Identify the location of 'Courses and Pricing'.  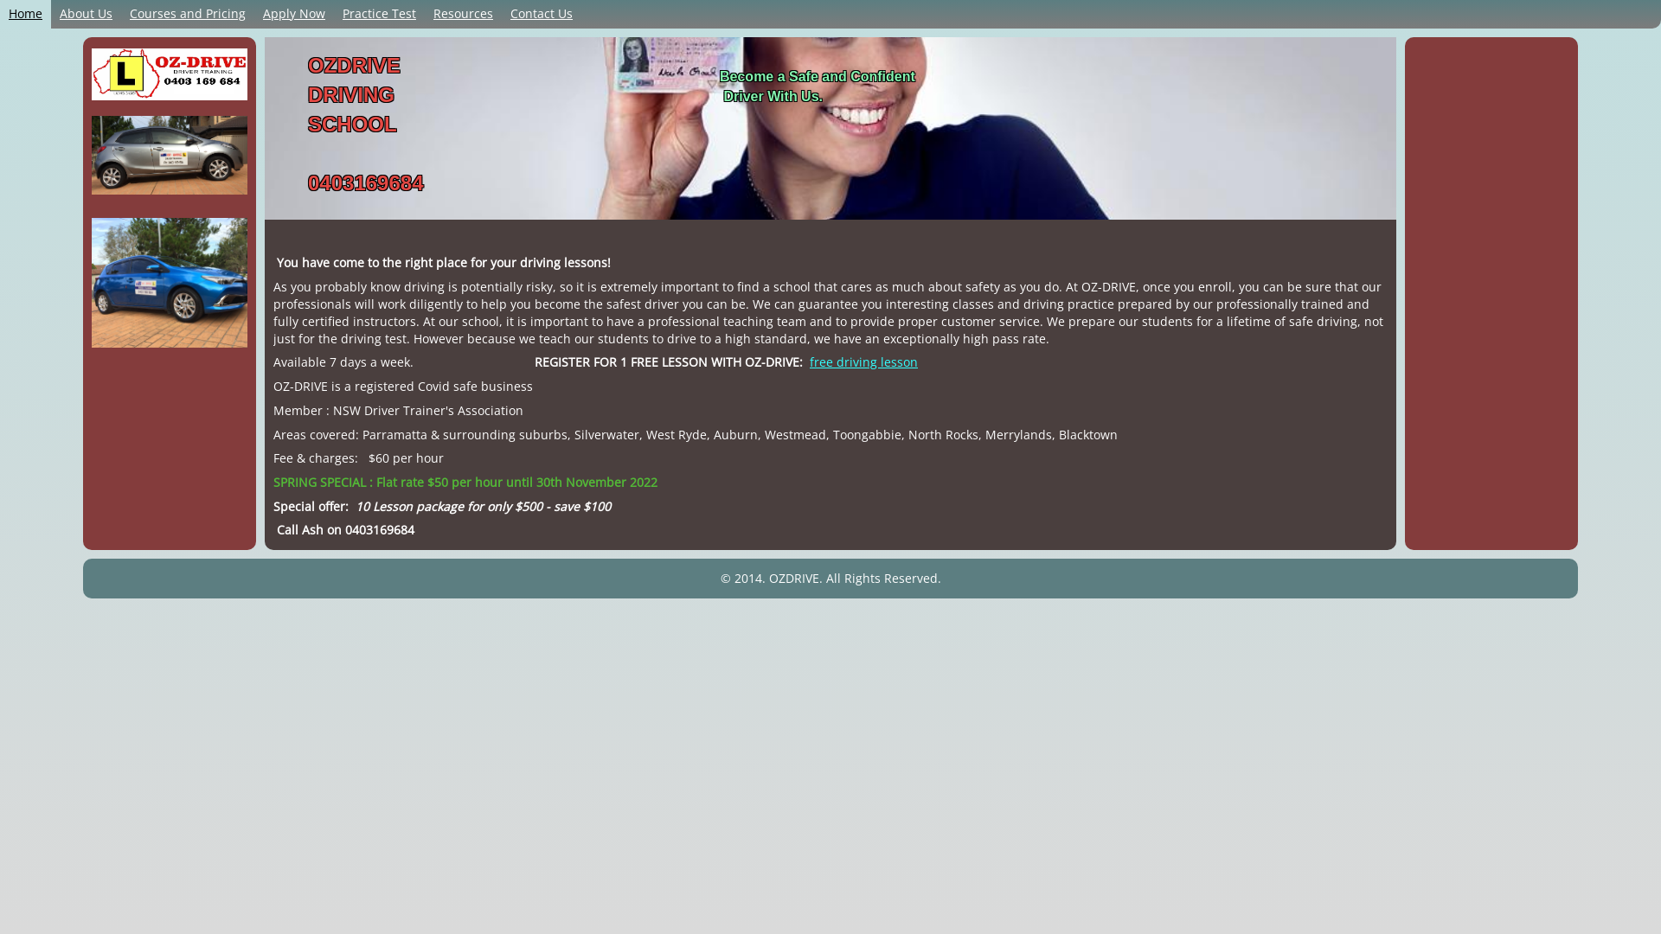
(187, 14).